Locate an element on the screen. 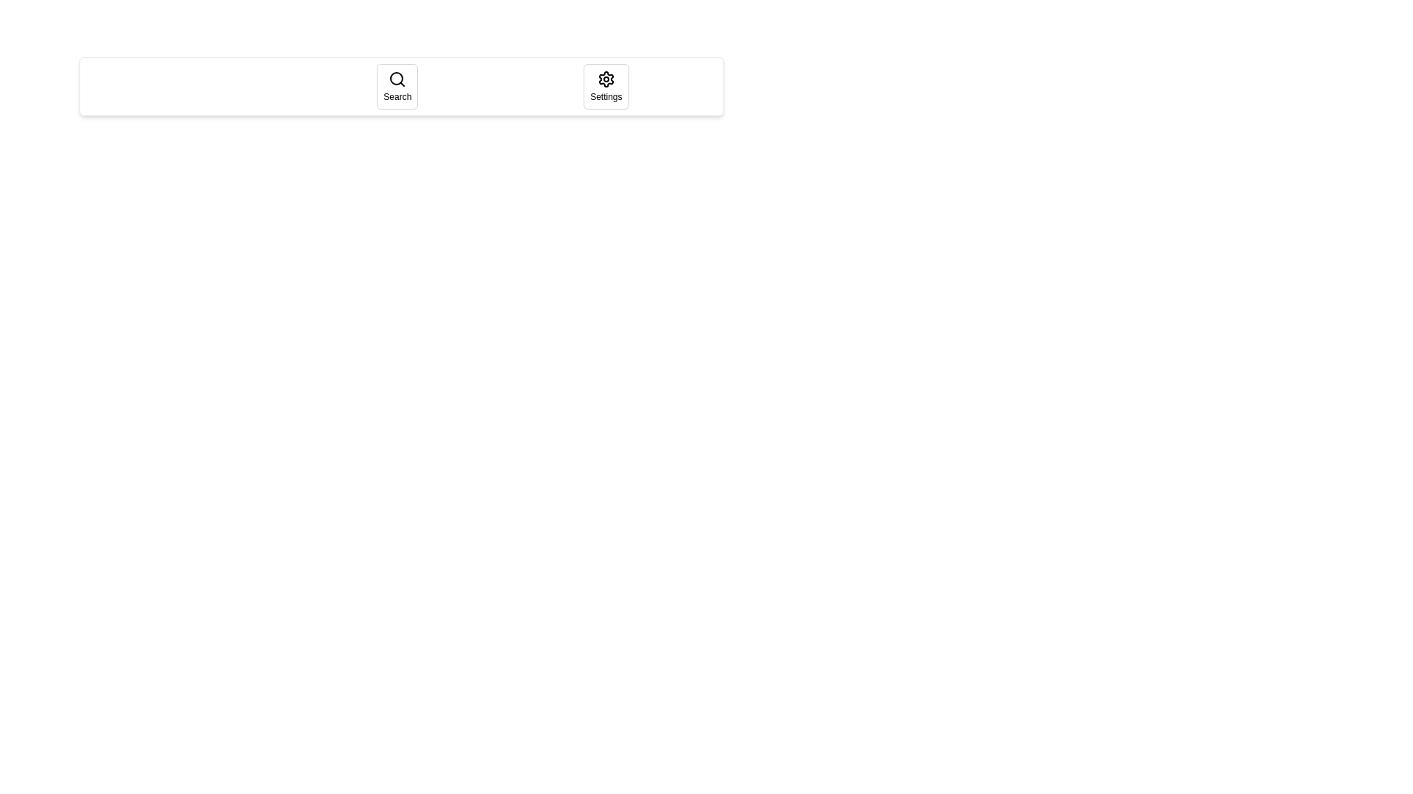 The width and height of the screenshot is (1413, 794). the 'Settings' button, which features a settings gear icon and is the third button in a horizontal group of three buttons is located at coordinates (606, 87).